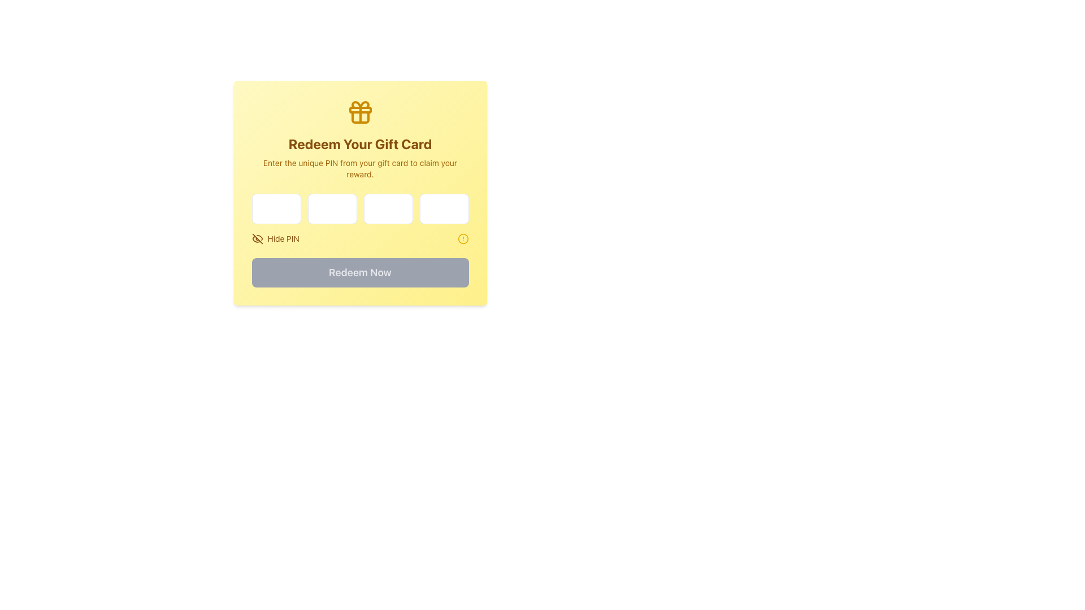 The width and height of the screenshot is (1085, 610). What do you see at coordinates (275, 238) in the screenshot?
I see `the button that toggles the visibility of the entered PIN, located below the PIN input fields and to the left of the 'Redeem Now' button` at bounding box center [275, 238].